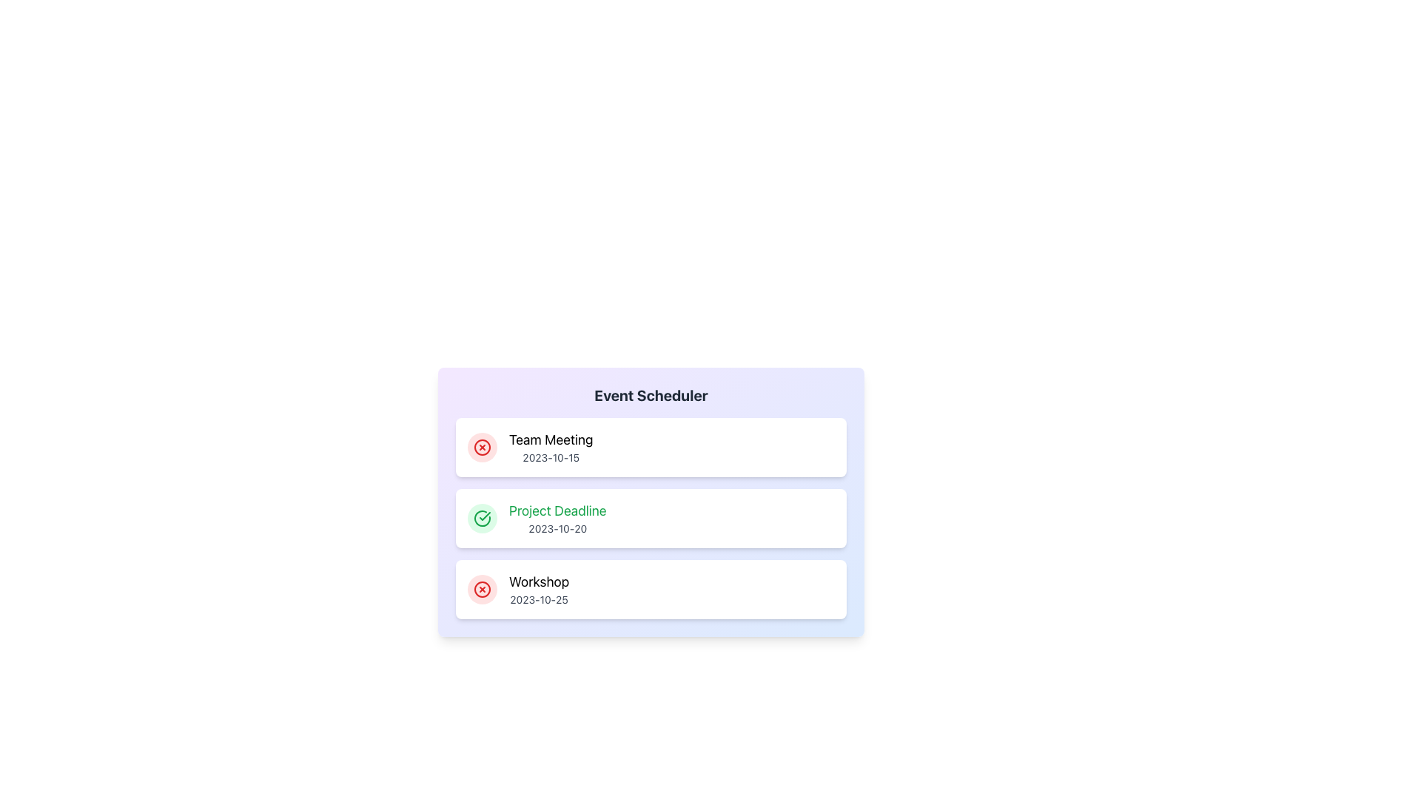 The width and height of the screenshot is (1421, 799). Describe the element at coordinates (530, 447) in the screenshot. I see `text content of the 'Team Meeting' event description label located to the right of the circular red icon in the first row of the list within the main section of the card layout` at that location.